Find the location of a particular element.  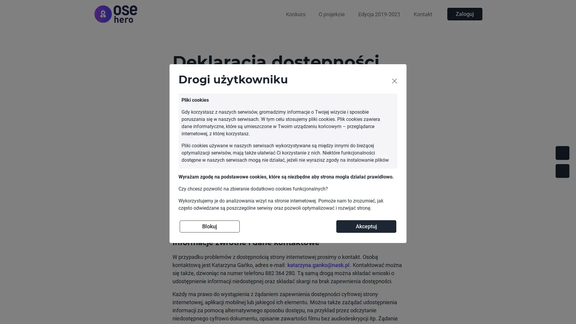

Akceptuj is located at coordinates (366, 226).